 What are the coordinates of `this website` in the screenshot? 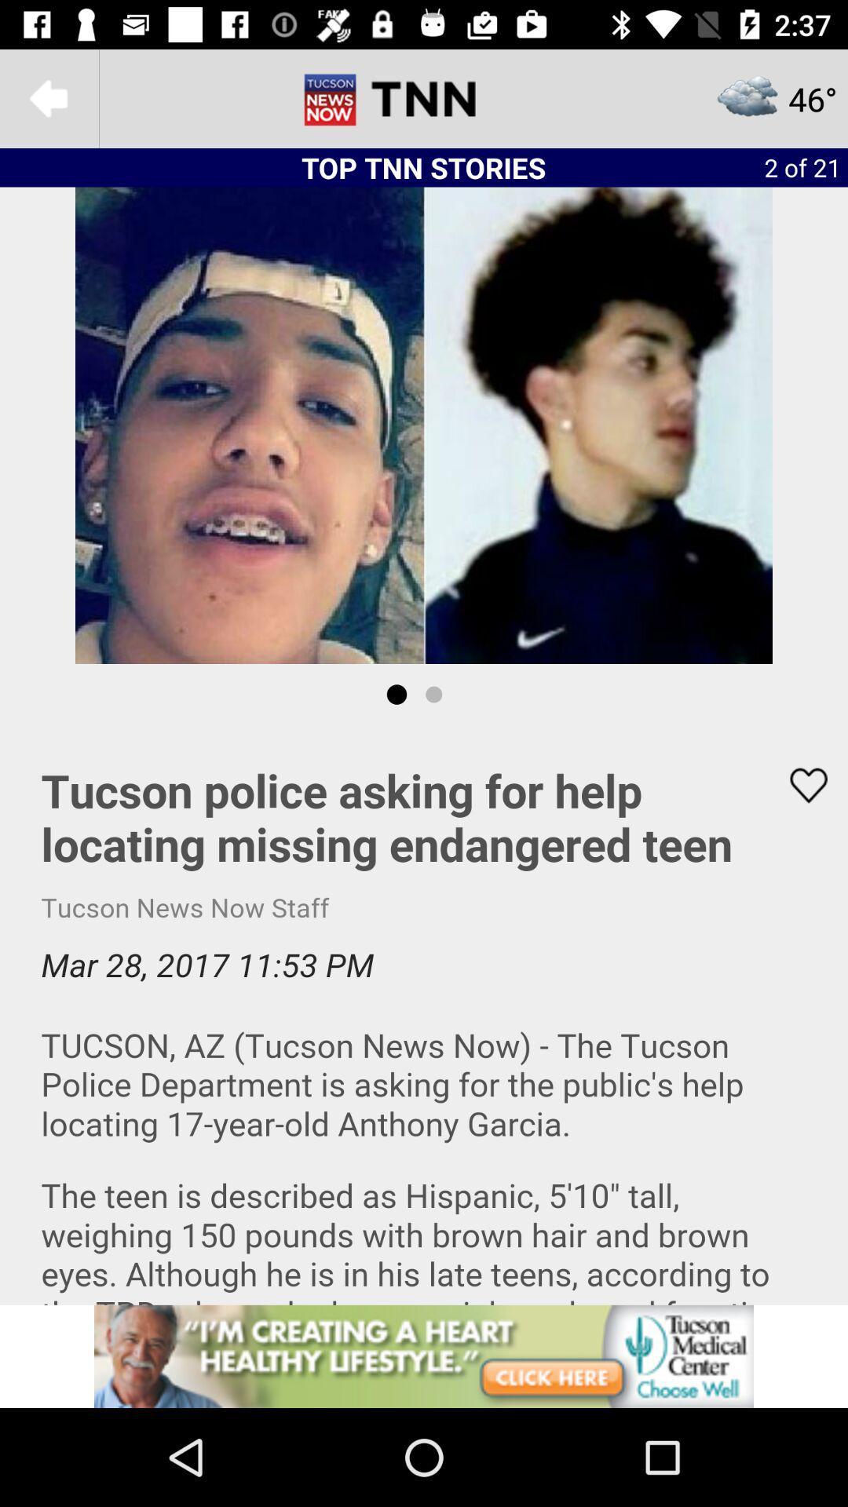 It's located at (424, 1356).